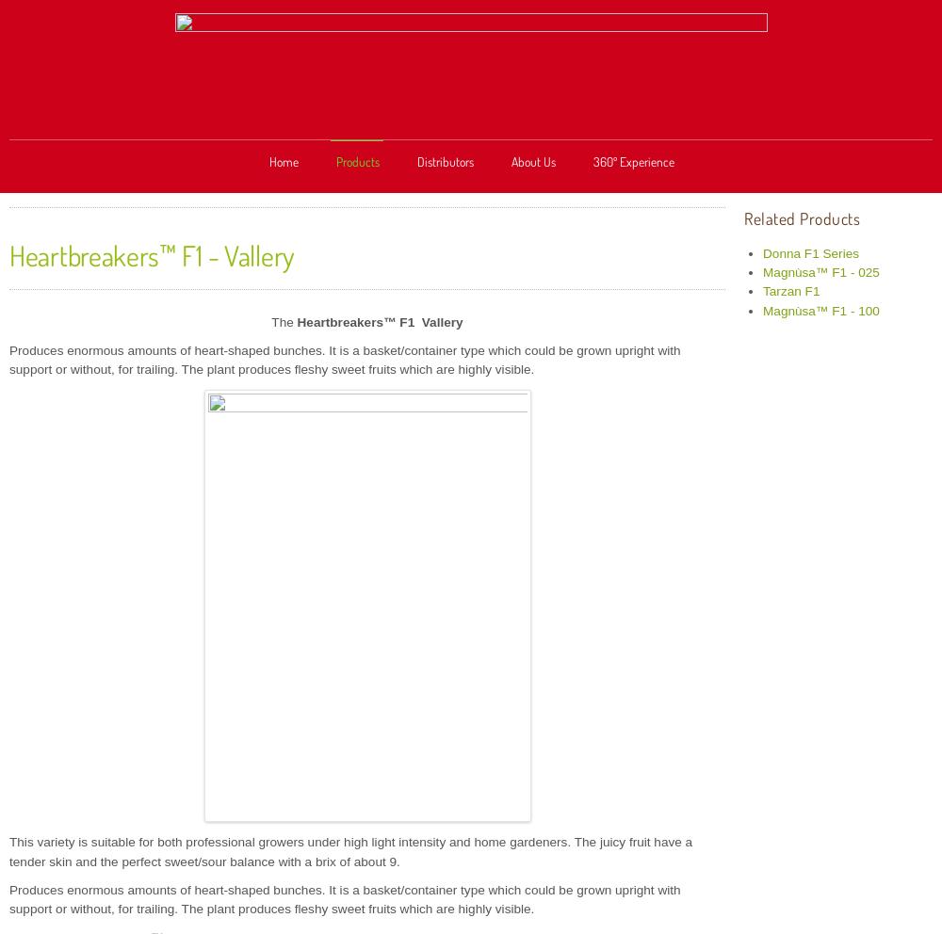 Image resolution: width=942 pixels, height=934 pixels. What do you see at coordinates (763, 270) in the screenshot?
I see `'Magnùsa™ F1 - 025'` at bounding box center [763, 270].